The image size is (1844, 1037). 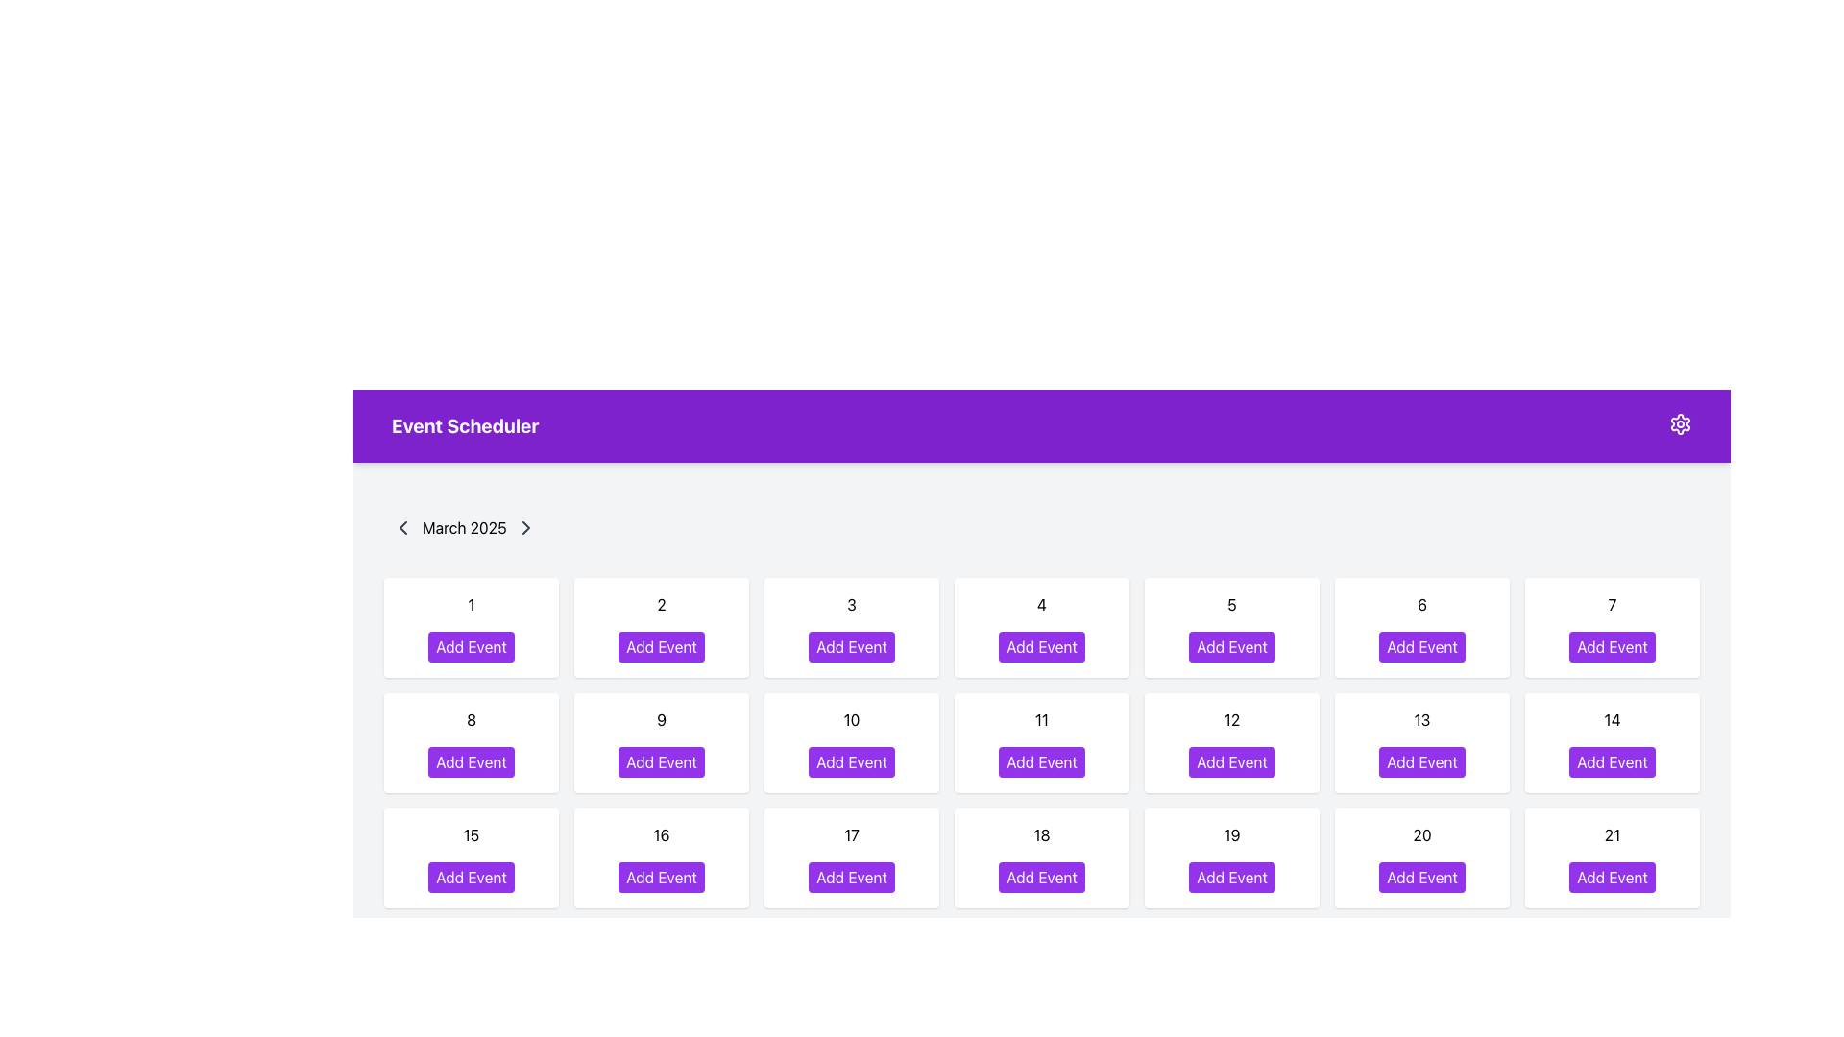 What do you see at coordinates (1422, 761) in the screenshot?
I see `the button located in the bottom part of the grid layout, specifically in row 13` at bounding box center [1422, 761].